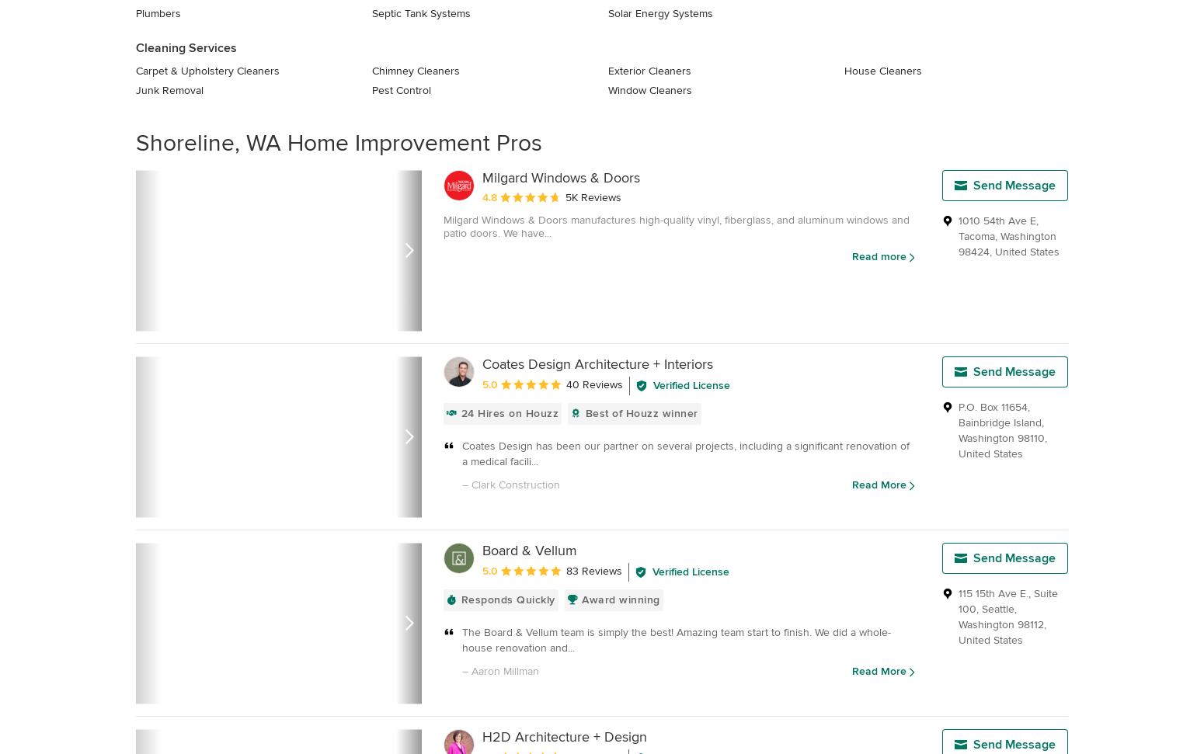 This screenshot has width=1204, height=754. What do you see at coordinates (593, 570) in the screenshot?
I see `'83 Reviews'` at bounding box center [593, 570].